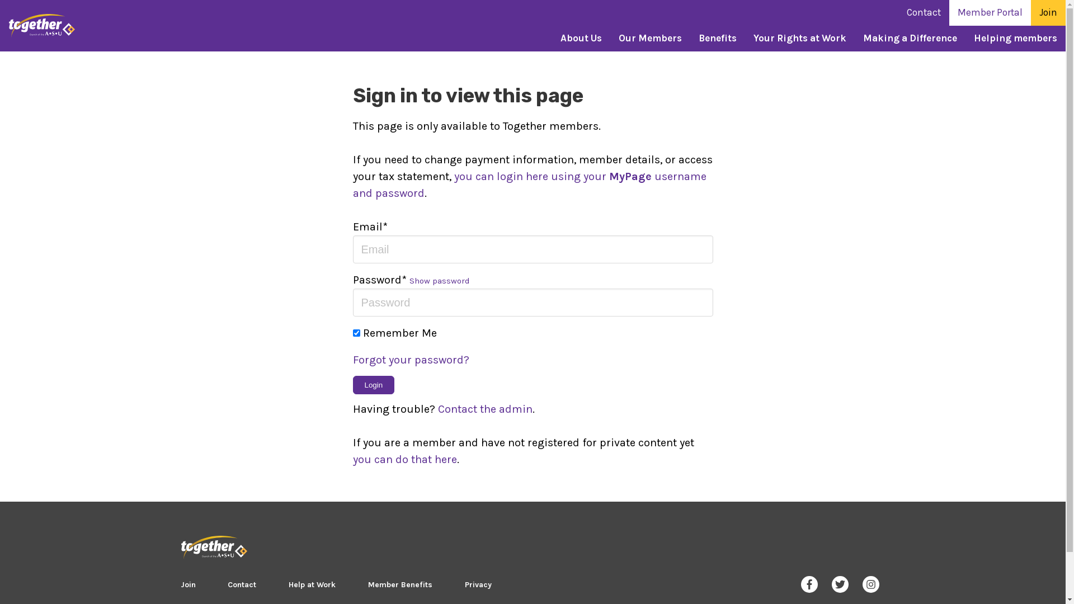 The width and height of the screenshot is (1074, 604). Describe the element at coordinates (214, 547) in the screenshot. I see `'Together branch of the ASU '` at that location.